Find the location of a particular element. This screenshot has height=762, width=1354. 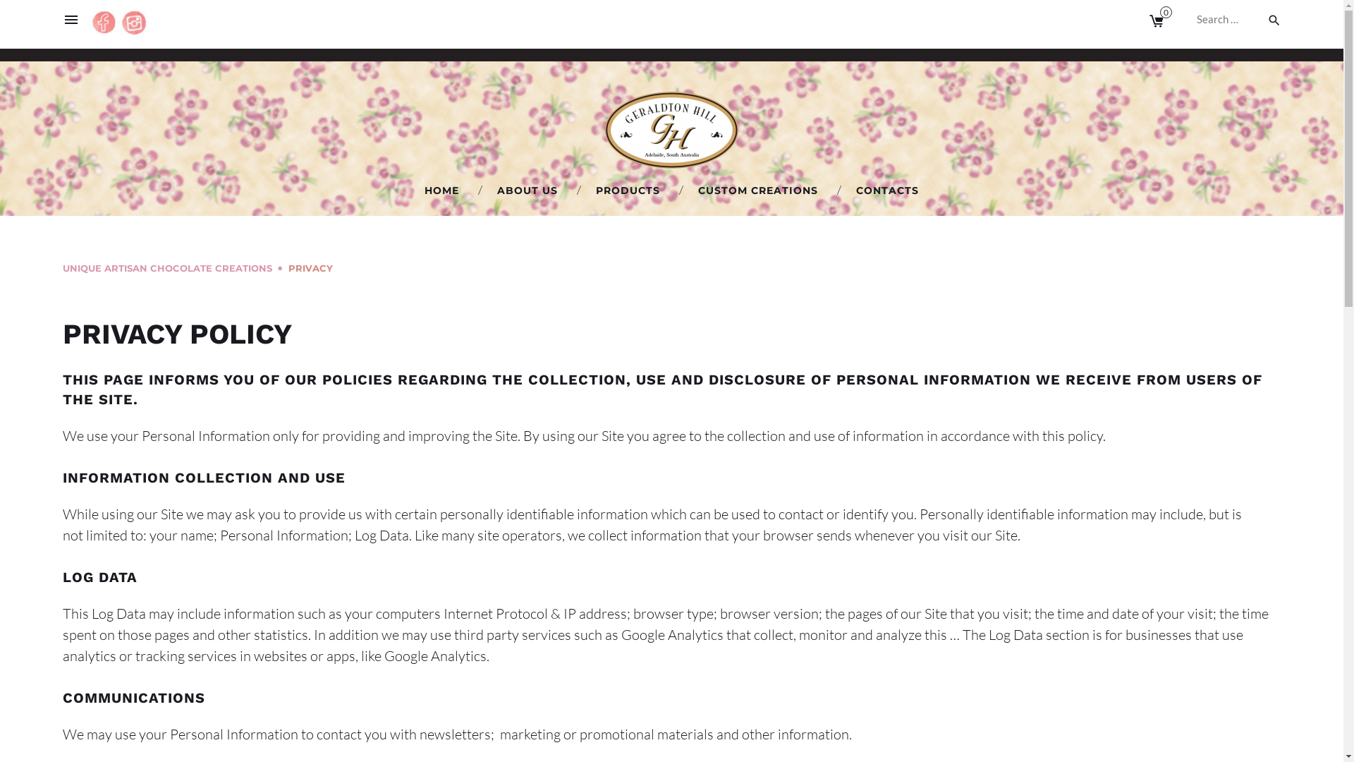

'Instagram' is located at coordinates (1269, 127).